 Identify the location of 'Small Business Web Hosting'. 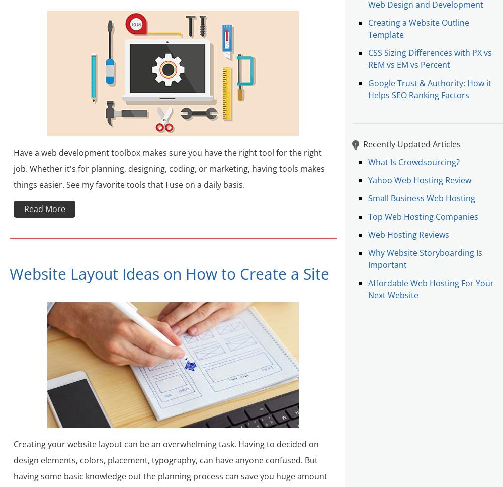
(421, 198).